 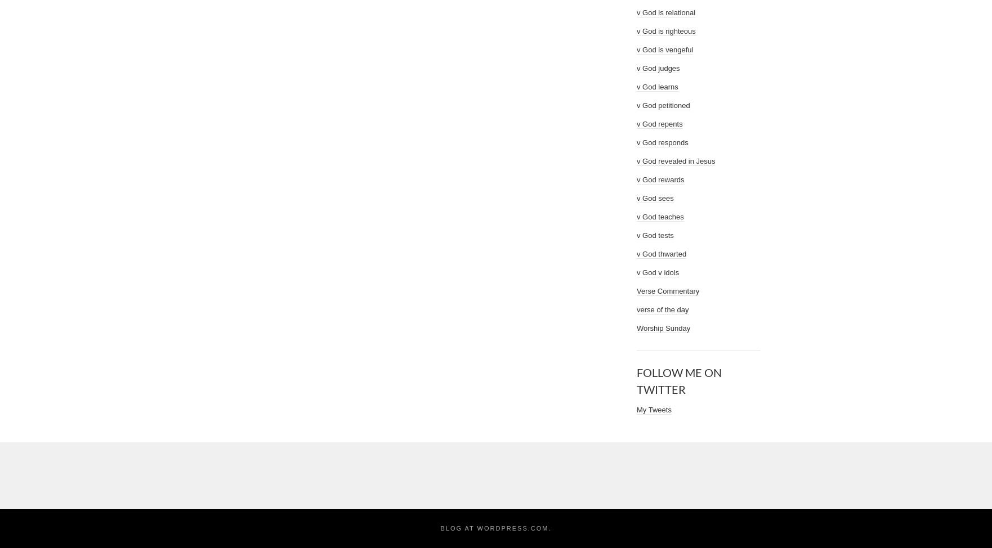 I want to click on 'v God is vengeful', so click(x=637, y=49).